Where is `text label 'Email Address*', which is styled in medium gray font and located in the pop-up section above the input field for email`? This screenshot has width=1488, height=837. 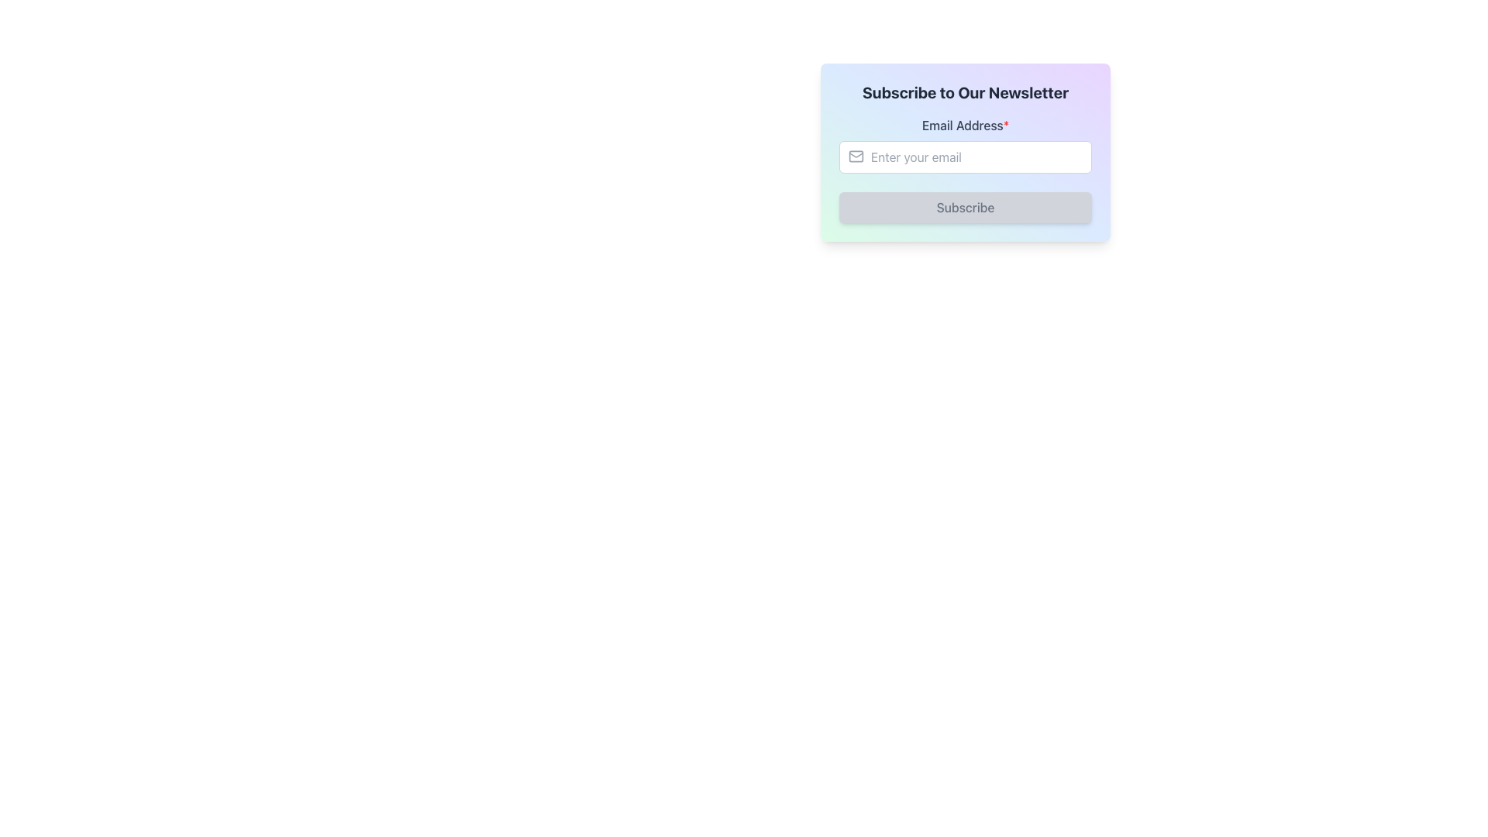 text label 'Email Address*', which is styled in medium gray font and located in the pop-up section above the input field for email is located at coordinates (965, 125).